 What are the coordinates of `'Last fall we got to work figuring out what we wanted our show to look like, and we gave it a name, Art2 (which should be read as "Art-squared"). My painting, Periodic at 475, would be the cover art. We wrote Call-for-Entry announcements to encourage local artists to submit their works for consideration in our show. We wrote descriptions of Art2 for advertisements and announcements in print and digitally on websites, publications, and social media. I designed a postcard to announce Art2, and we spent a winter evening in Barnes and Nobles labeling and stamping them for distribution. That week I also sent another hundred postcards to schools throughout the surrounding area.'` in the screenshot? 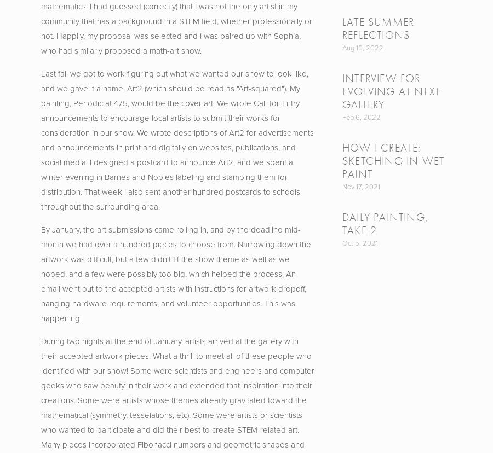 It's located at (177, 139).